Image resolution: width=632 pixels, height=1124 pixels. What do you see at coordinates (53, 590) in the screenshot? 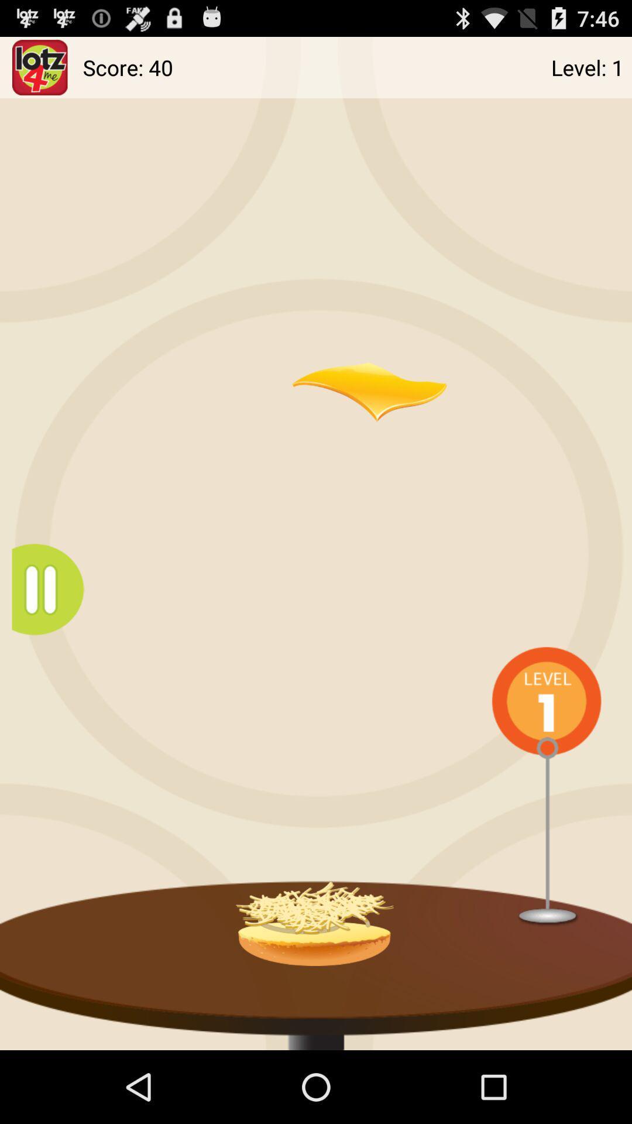
I see `item on the left` at bounding box center [53, 590].